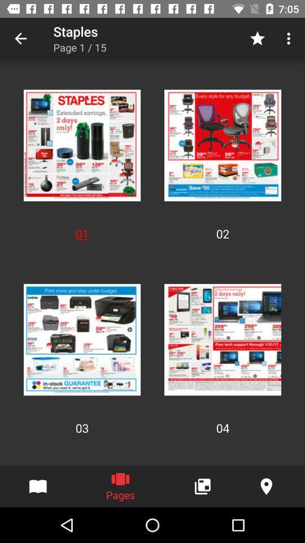 The width and height of the screenshot is (305, 543). I want to click on second option in first row, so click(223, 145).